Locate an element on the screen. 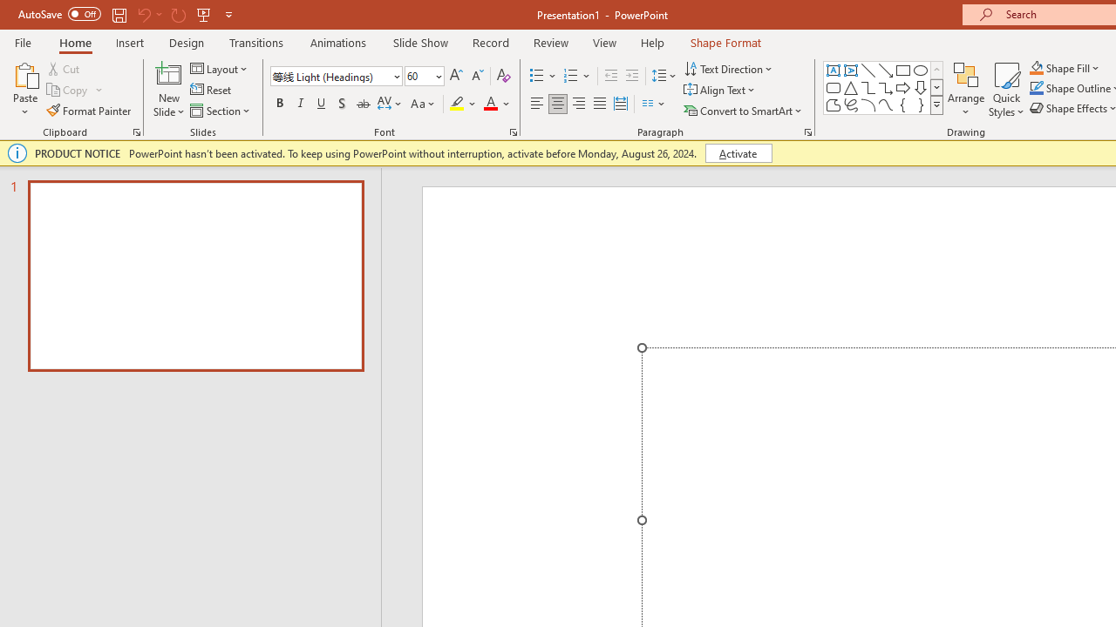 The image size is (1116, 627). 'Cut' is located at coordinates (65, 68).